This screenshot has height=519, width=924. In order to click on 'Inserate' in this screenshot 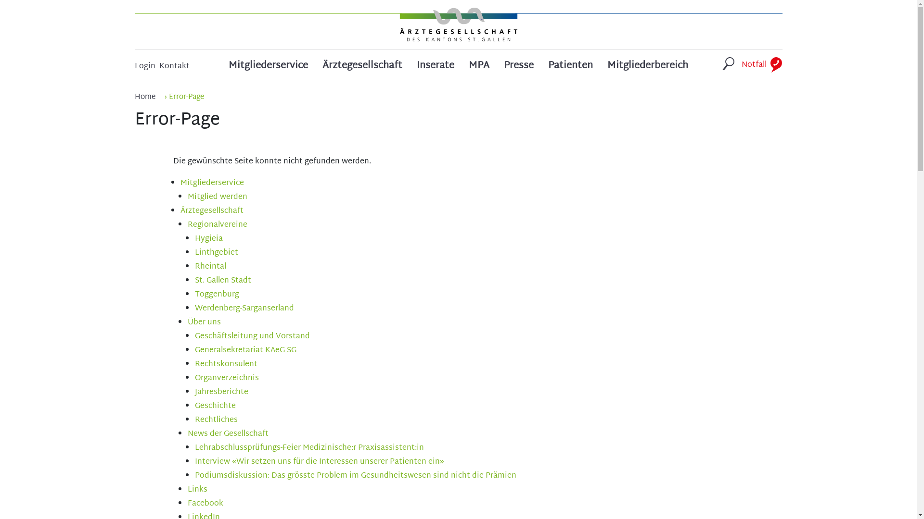, I will do `click(435, 69)`.